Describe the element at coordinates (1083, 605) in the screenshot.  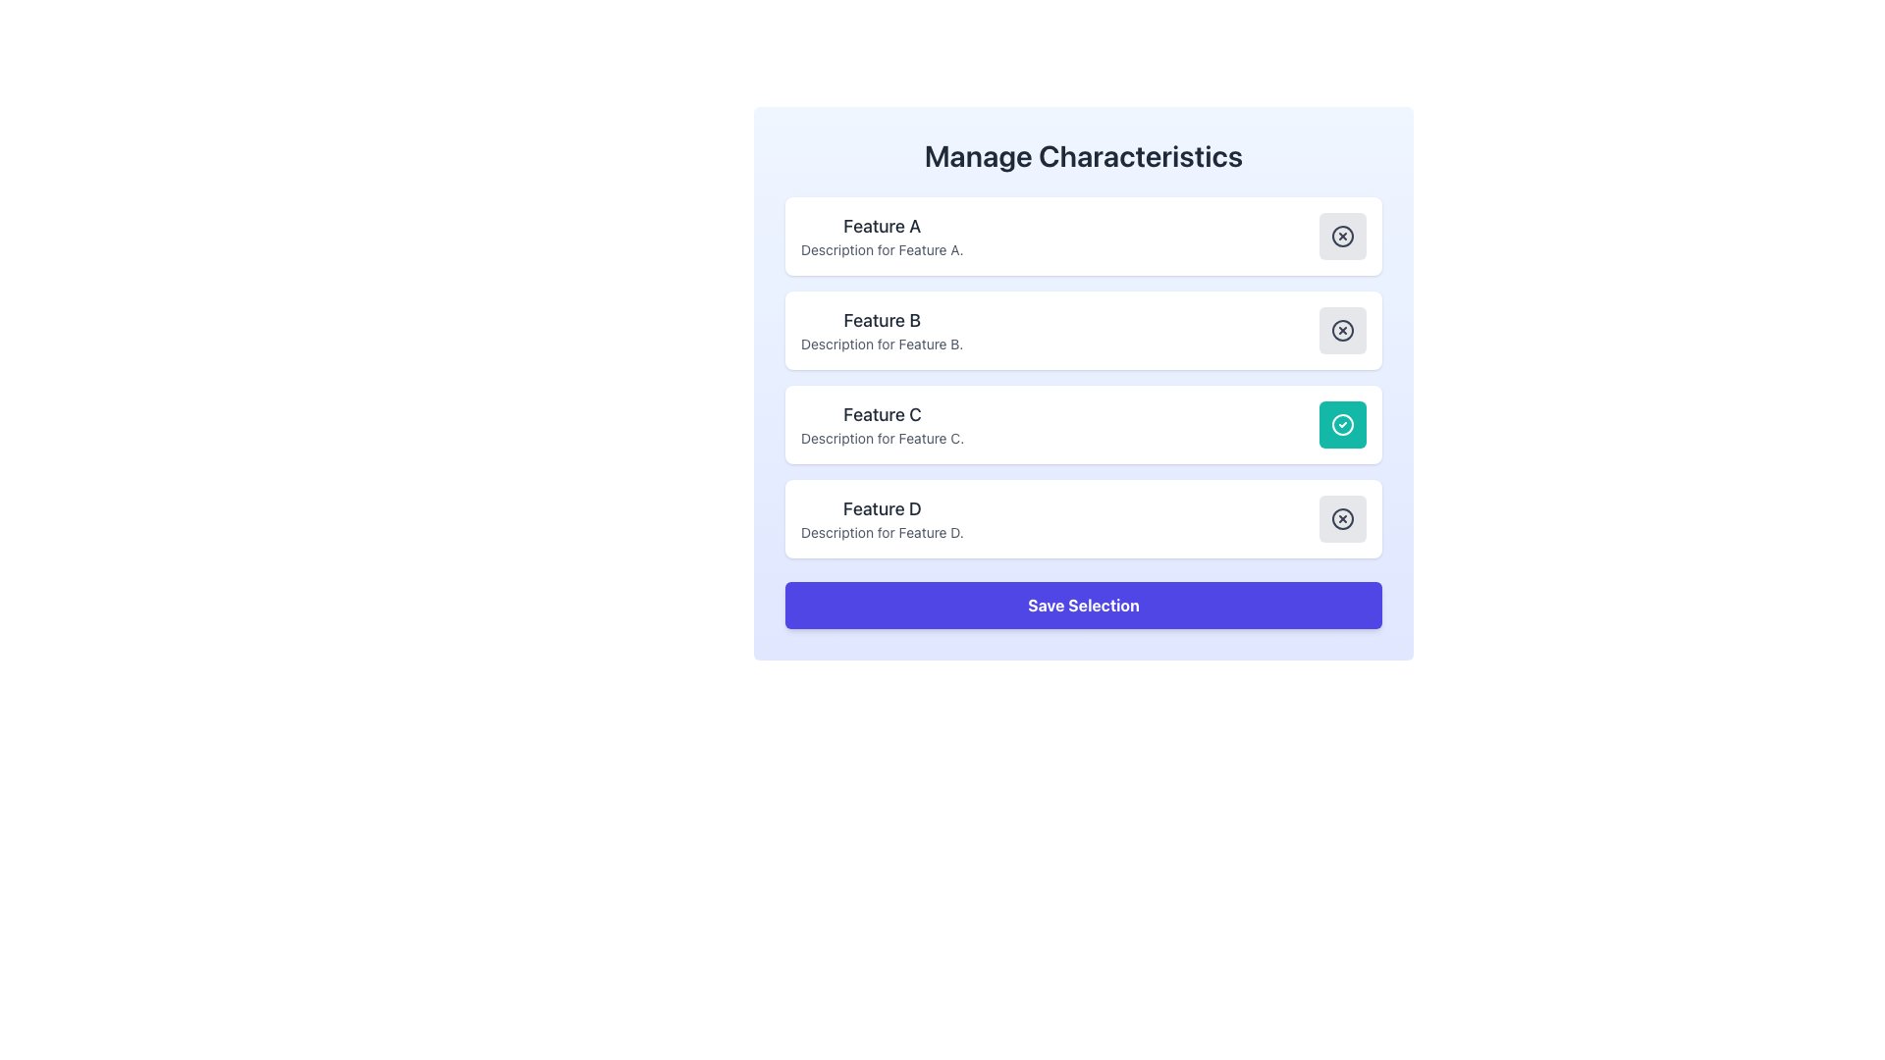
I see `the confirmation button located at the bottom of the 'Manage Characteristics' section to confirm selections` at that location.